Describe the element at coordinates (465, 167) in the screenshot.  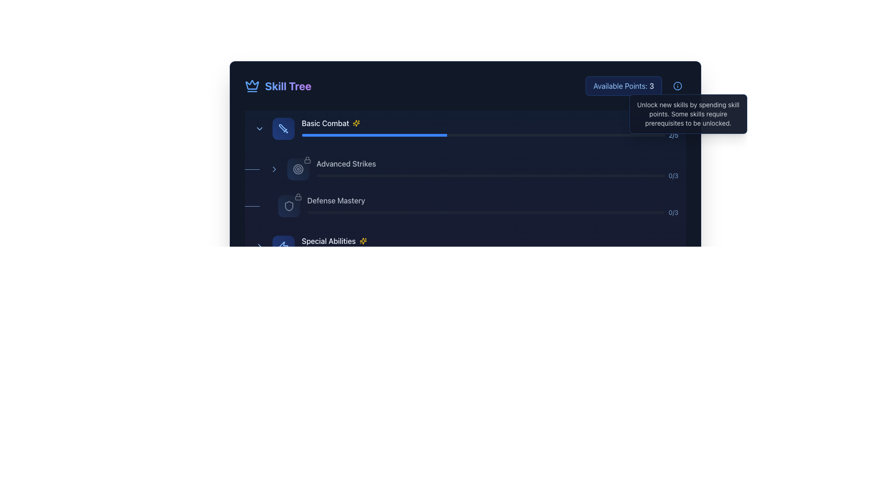
I see `the second skill category item in the skills section under 'Basic Combat'` at that location.